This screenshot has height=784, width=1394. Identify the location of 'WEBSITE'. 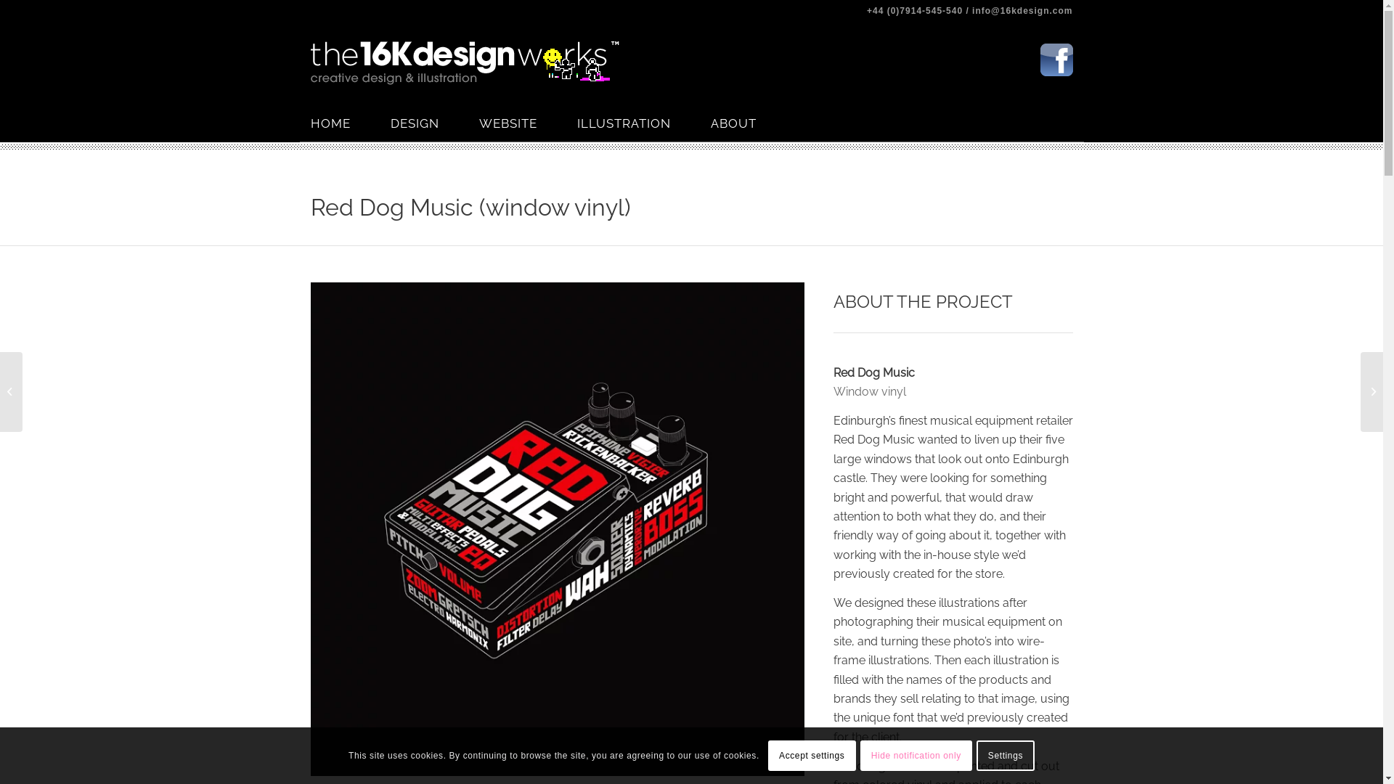
(527, 122).